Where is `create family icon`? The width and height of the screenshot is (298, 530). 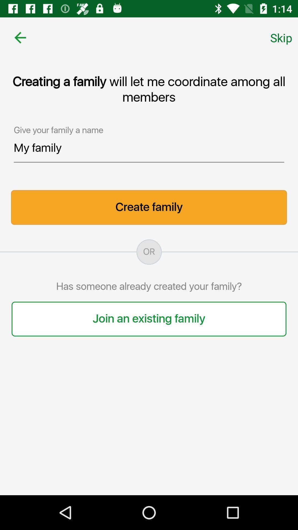
create family icon is located at coordinates (149, 207).